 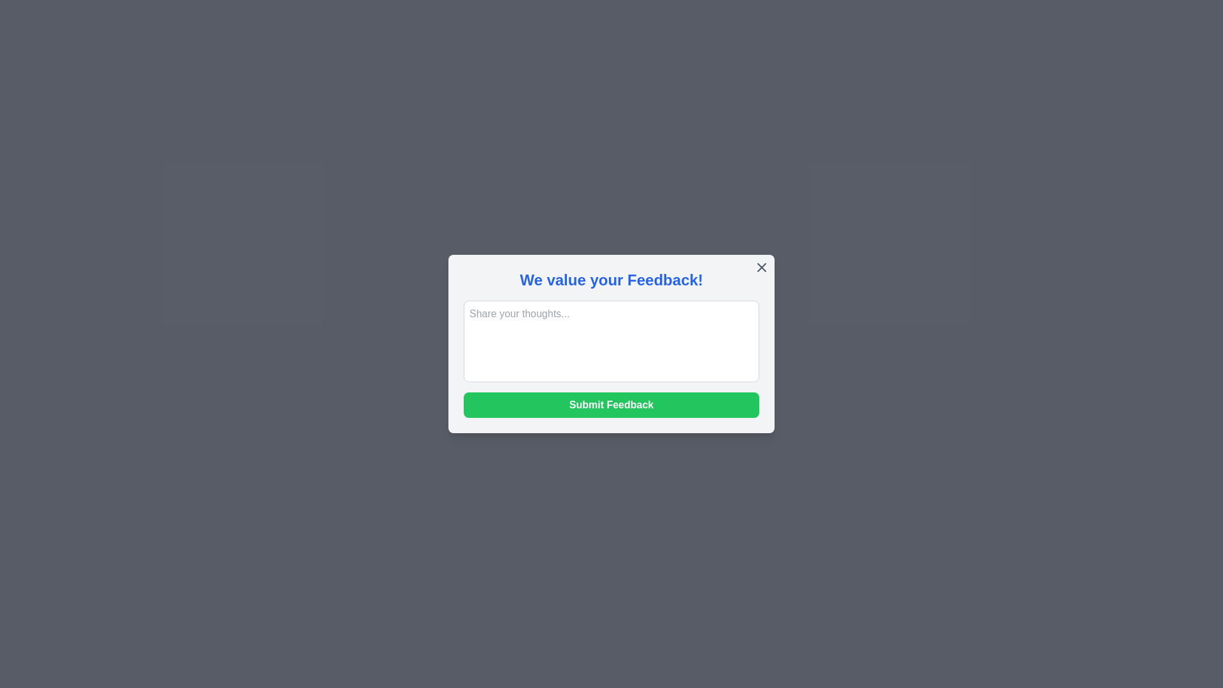 What do you see at coordinates (611, 405) in the screenshot?
I see `the 'Submit Feedback' button to submit the feedback` at bounding box center [611, 405].